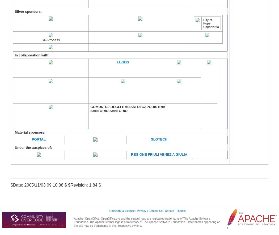 The height and width of the screenshot is (235, 279). I want to click on 'Silver sponsors:', so click(14, 11).